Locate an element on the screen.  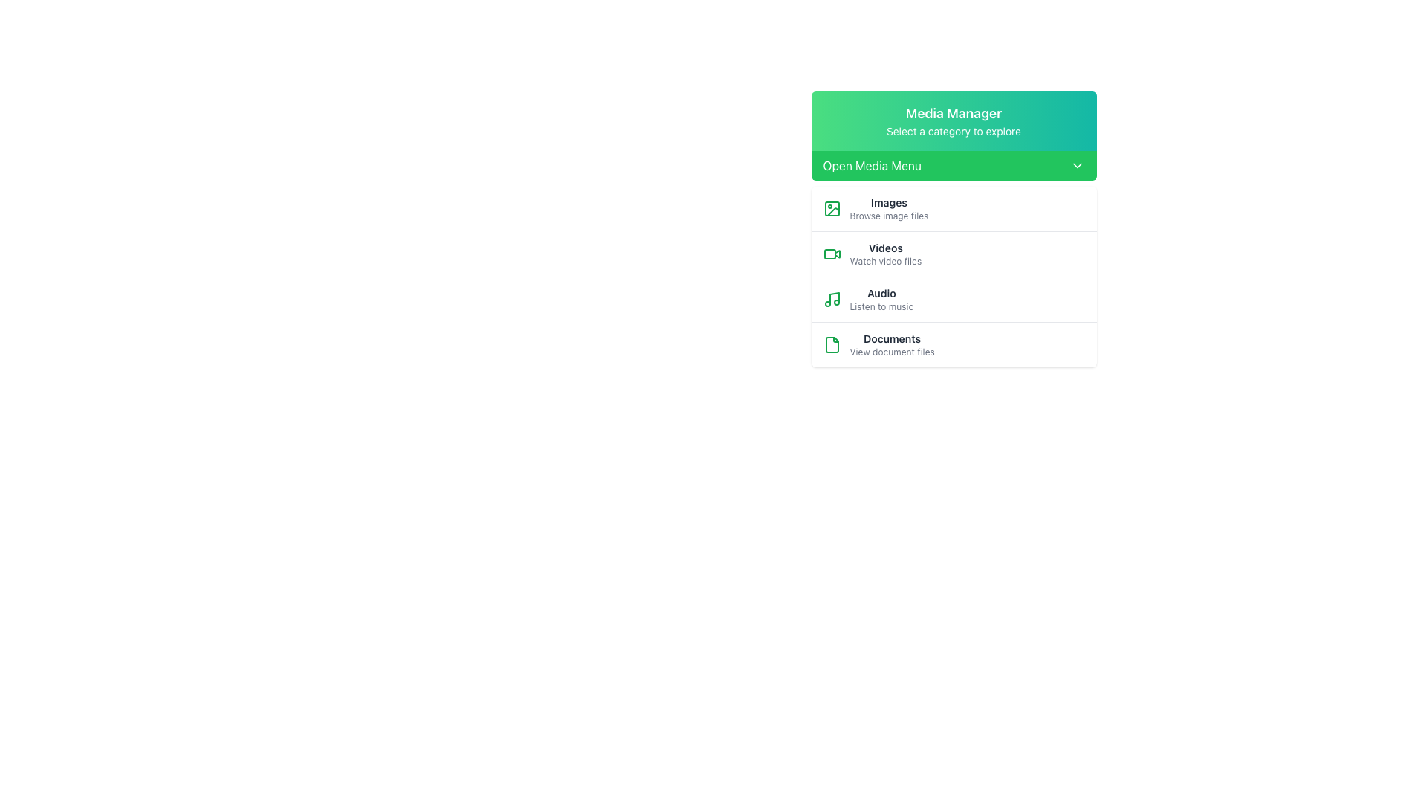
the descriptive text located under the 'Images' entry in the 'Media Manager' dropdown menu, which provides additional details about the images is located at coordinates (889, 216).